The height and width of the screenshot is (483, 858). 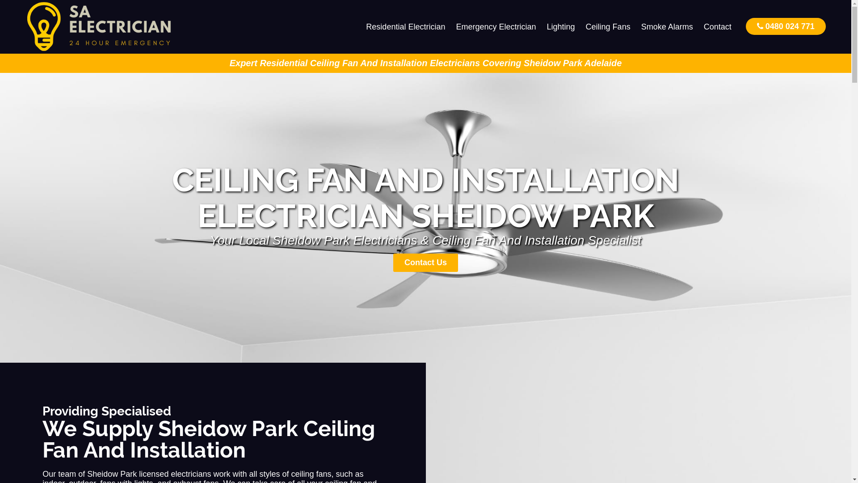 What do you see at coordinates (635, 26) in the screenshot?
I see `'Smoke Alarms'` at bounding box center [635, 26].